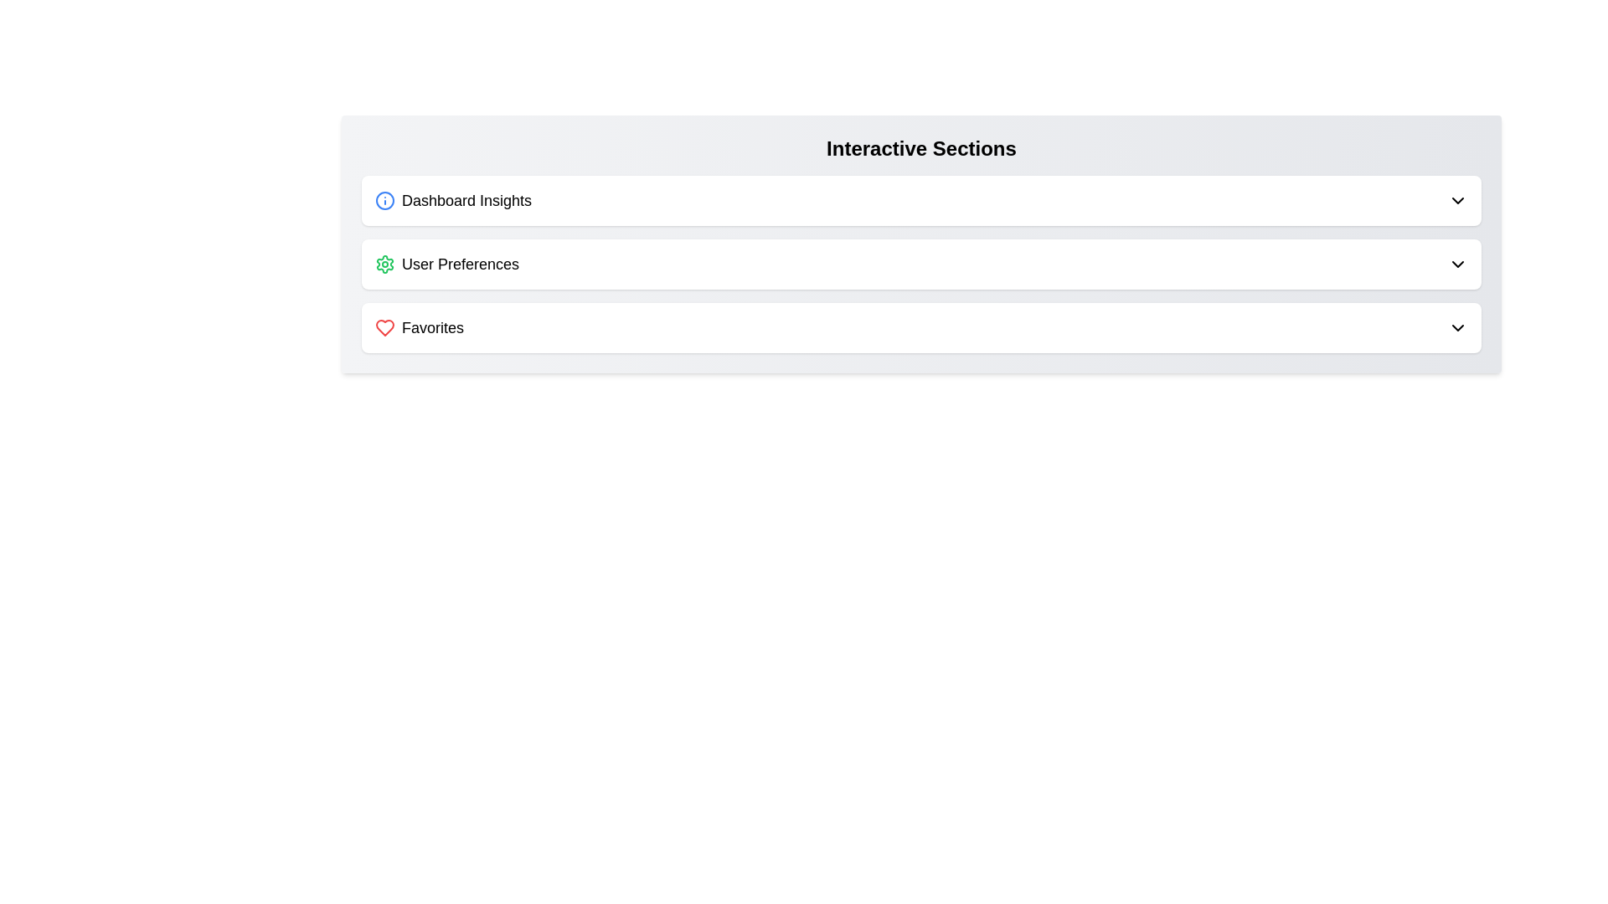 Image resolution: width=1608 pixels, height=904 pixels. What do you see at coordinates (384, 199) in the screenshot?
I see `the SVG Circle located at the center of the top-left button labeled 'Dashboard Insights', which is part of an informational icon with a blue stroke` at bounding box center [384, 199].